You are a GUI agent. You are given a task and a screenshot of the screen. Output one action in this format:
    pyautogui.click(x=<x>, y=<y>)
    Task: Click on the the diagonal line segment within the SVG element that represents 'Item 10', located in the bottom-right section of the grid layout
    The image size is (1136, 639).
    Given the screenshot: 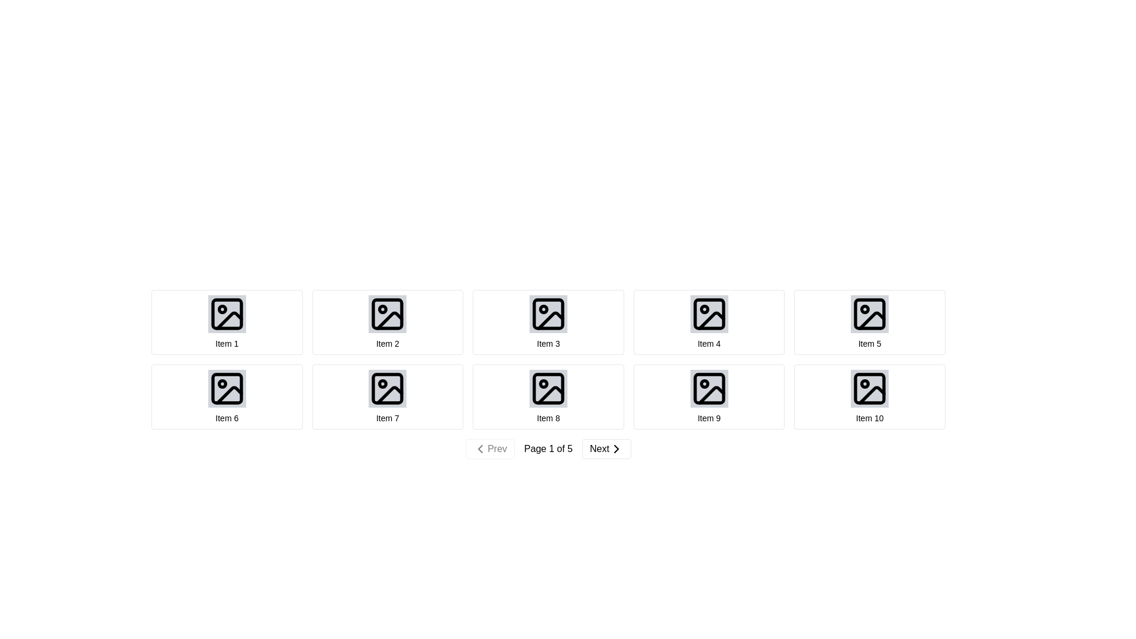 What is the action you would take?
    pyautogui.click(x=872, y=395)
    